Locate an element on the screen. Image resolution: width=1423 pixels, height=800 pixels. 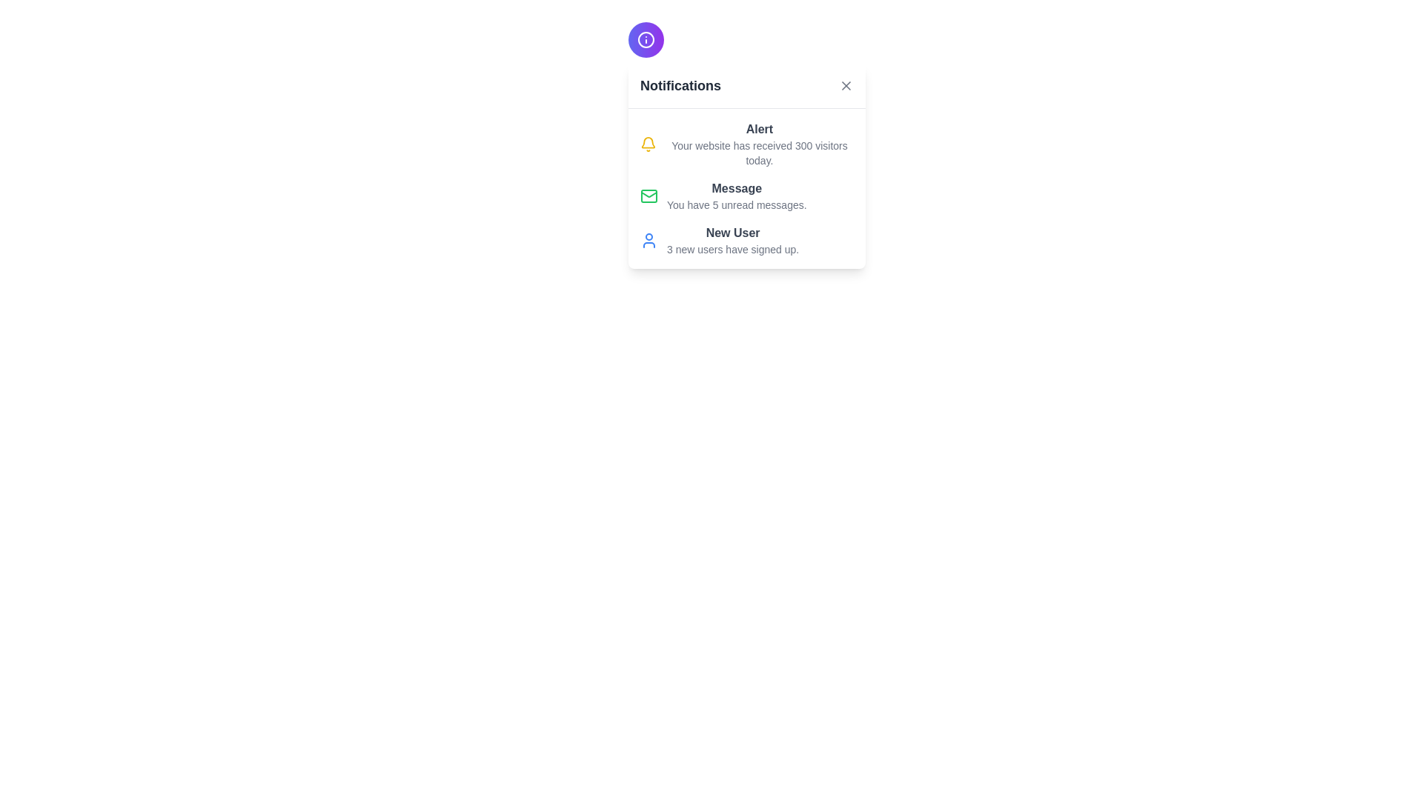
the static text label displaying the message '3 new users have signed up.' which is located in the notification dropdown beneath the heading 'New User' is located at coordinates (733, 248).